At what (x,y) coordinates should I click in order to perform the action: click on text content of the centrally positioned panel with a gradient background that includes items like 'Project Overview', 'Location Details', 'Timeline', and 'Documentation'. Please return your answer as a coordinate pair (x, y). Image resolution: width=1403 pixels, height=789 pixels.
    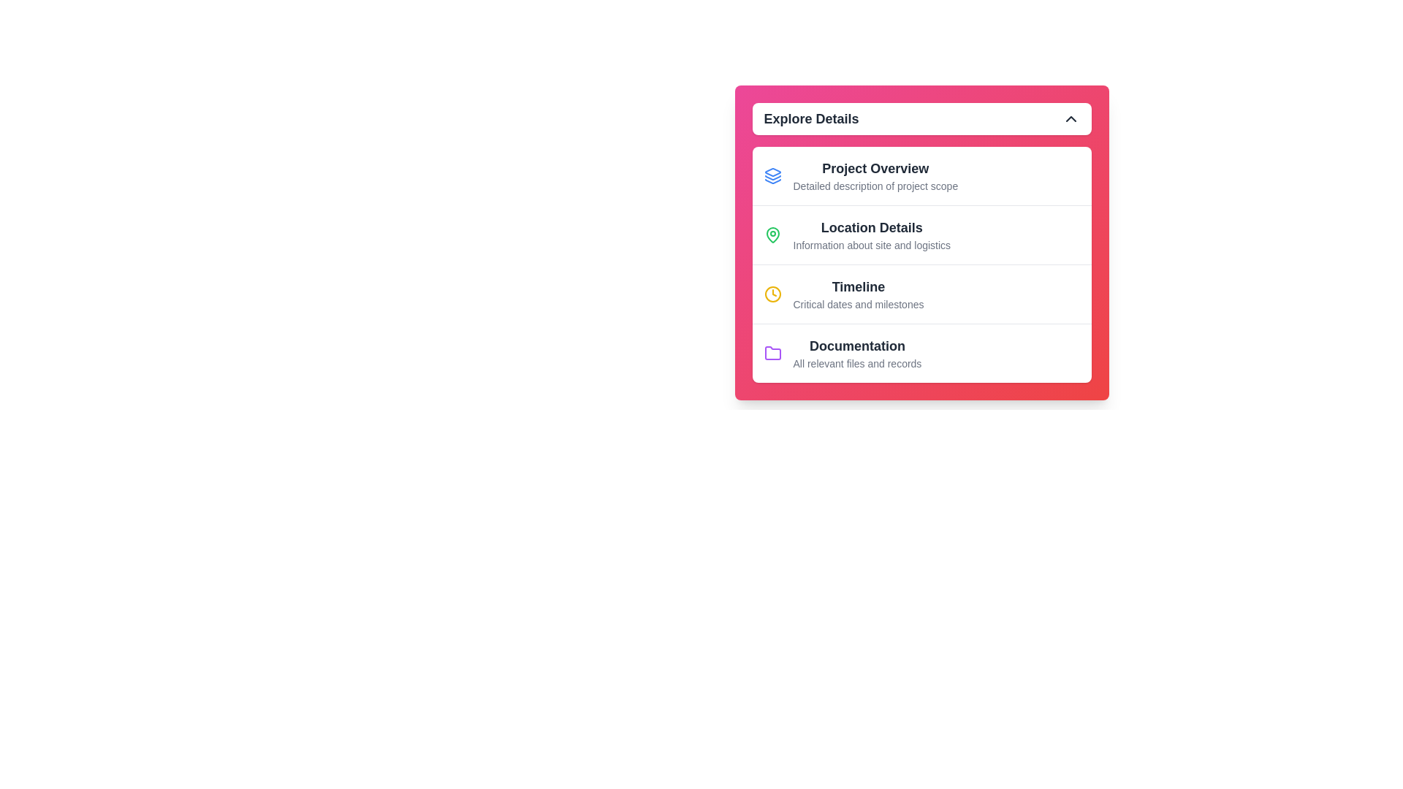
    Looking at the image, I should click on (921, 242).